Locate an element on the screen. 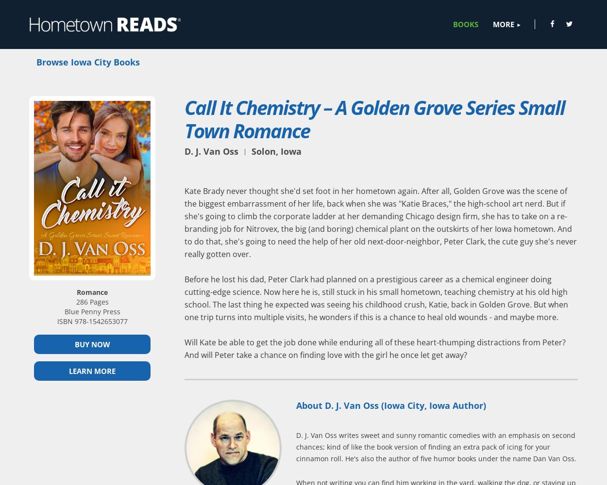 The height and width of the screenshot is (485, 607). 'Blue Penny Press' is located at coordinates (91, 311).